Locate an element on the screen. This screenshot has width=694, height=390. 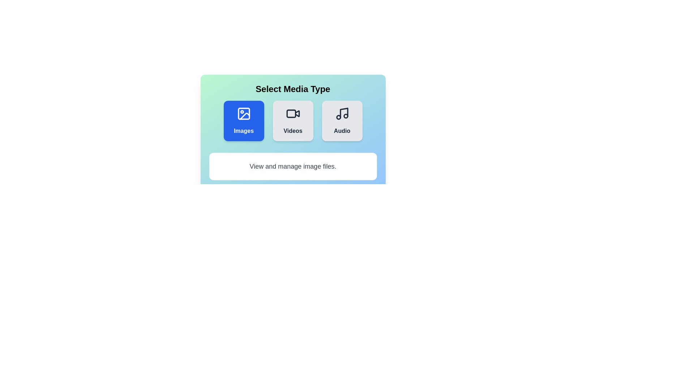
the center of the title text to focus on it is located at coordinates (293, 88).